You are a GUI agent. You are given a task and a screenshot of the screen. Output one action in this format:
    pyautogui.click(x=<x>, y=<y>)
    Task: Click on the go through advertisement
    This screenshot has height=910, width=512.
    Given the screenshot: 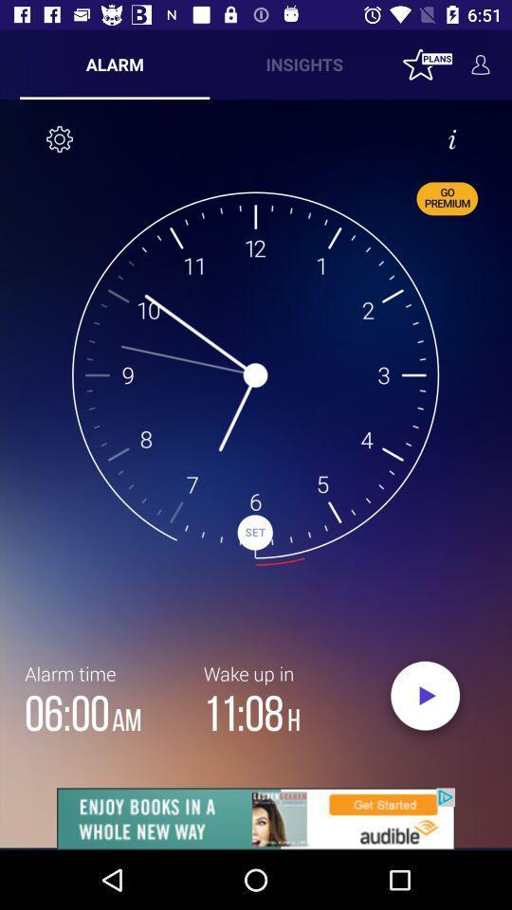 What is the action you would take?
    pyautogui.click(x=256, y=818)
    